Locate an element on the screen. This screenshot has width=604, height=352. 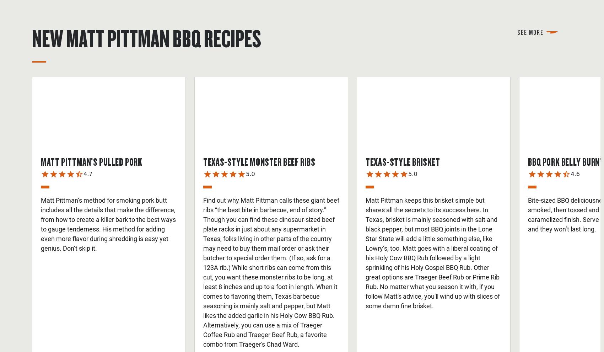
'New Matt Pittman BBQ Recipes' is located at coordinates (146, 37).